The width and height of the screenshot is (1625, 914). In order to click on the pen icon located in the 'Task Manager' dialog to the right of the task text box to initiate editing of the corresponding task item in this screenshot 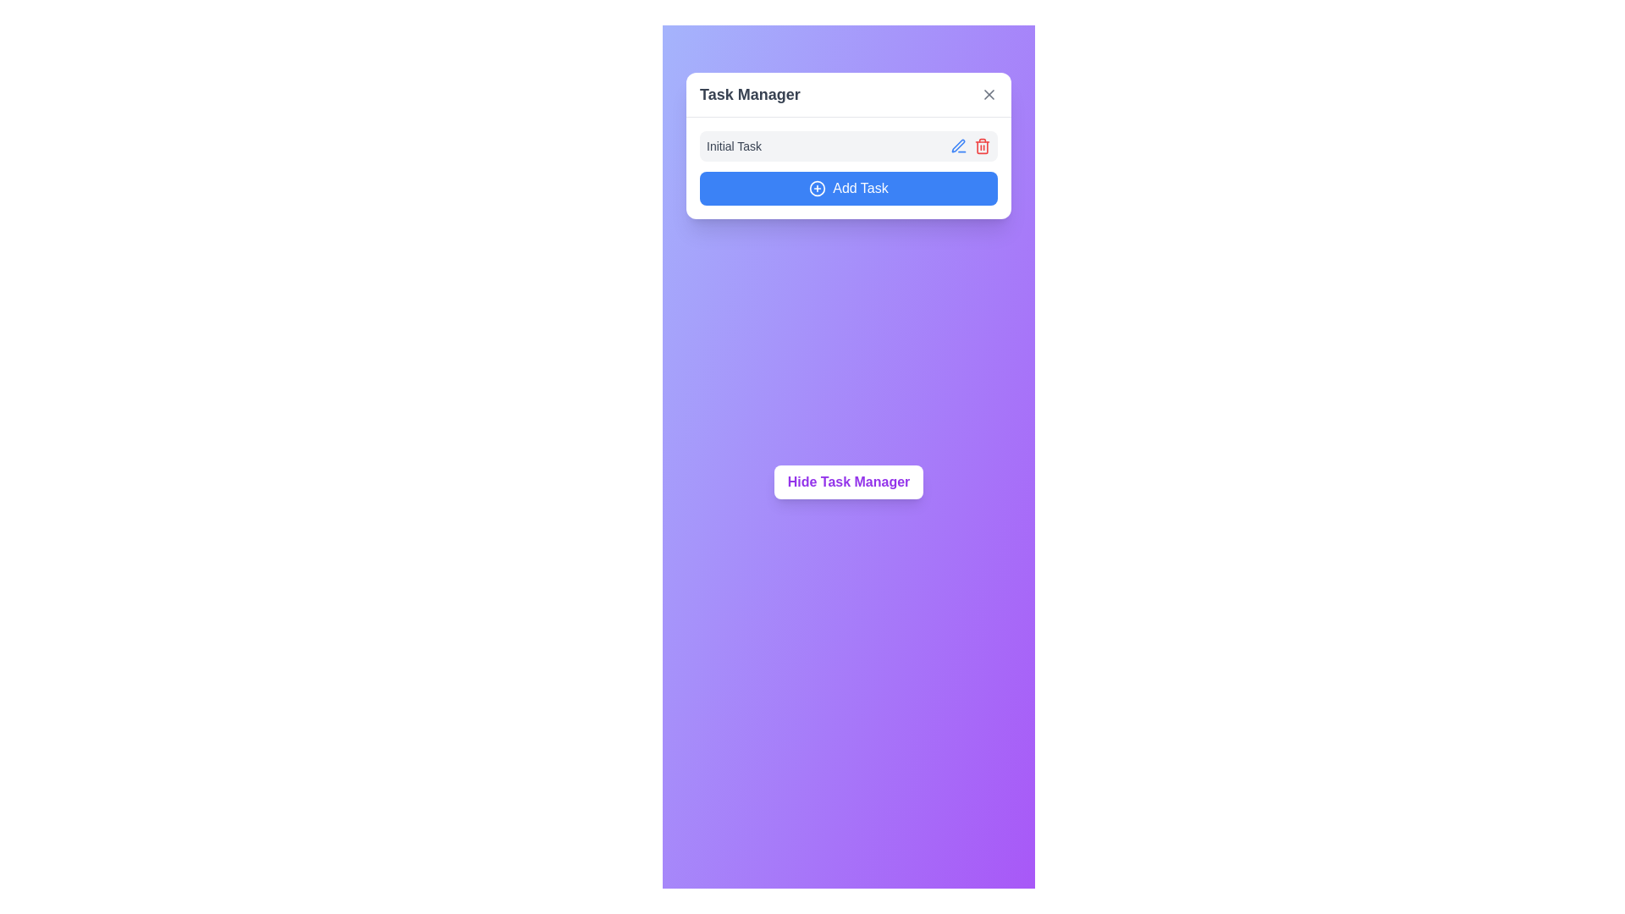, I will do `click(958, 145)`.